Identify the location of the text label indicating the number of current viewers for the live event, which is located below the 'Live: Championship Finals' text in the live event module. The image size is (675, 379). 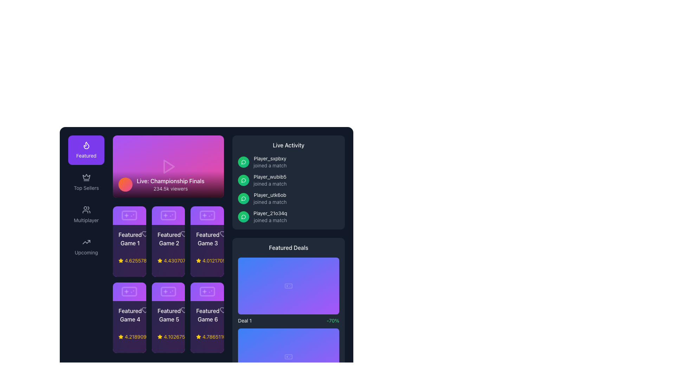
(171, 188).